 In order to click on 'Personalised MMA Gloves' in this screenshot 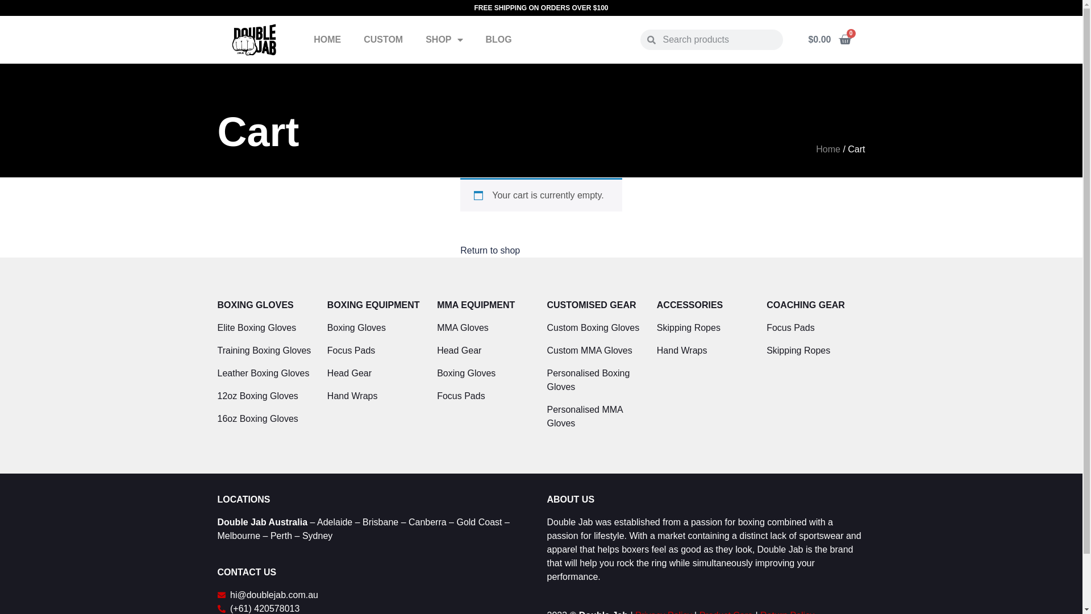, I will do `click(546, 416)`.